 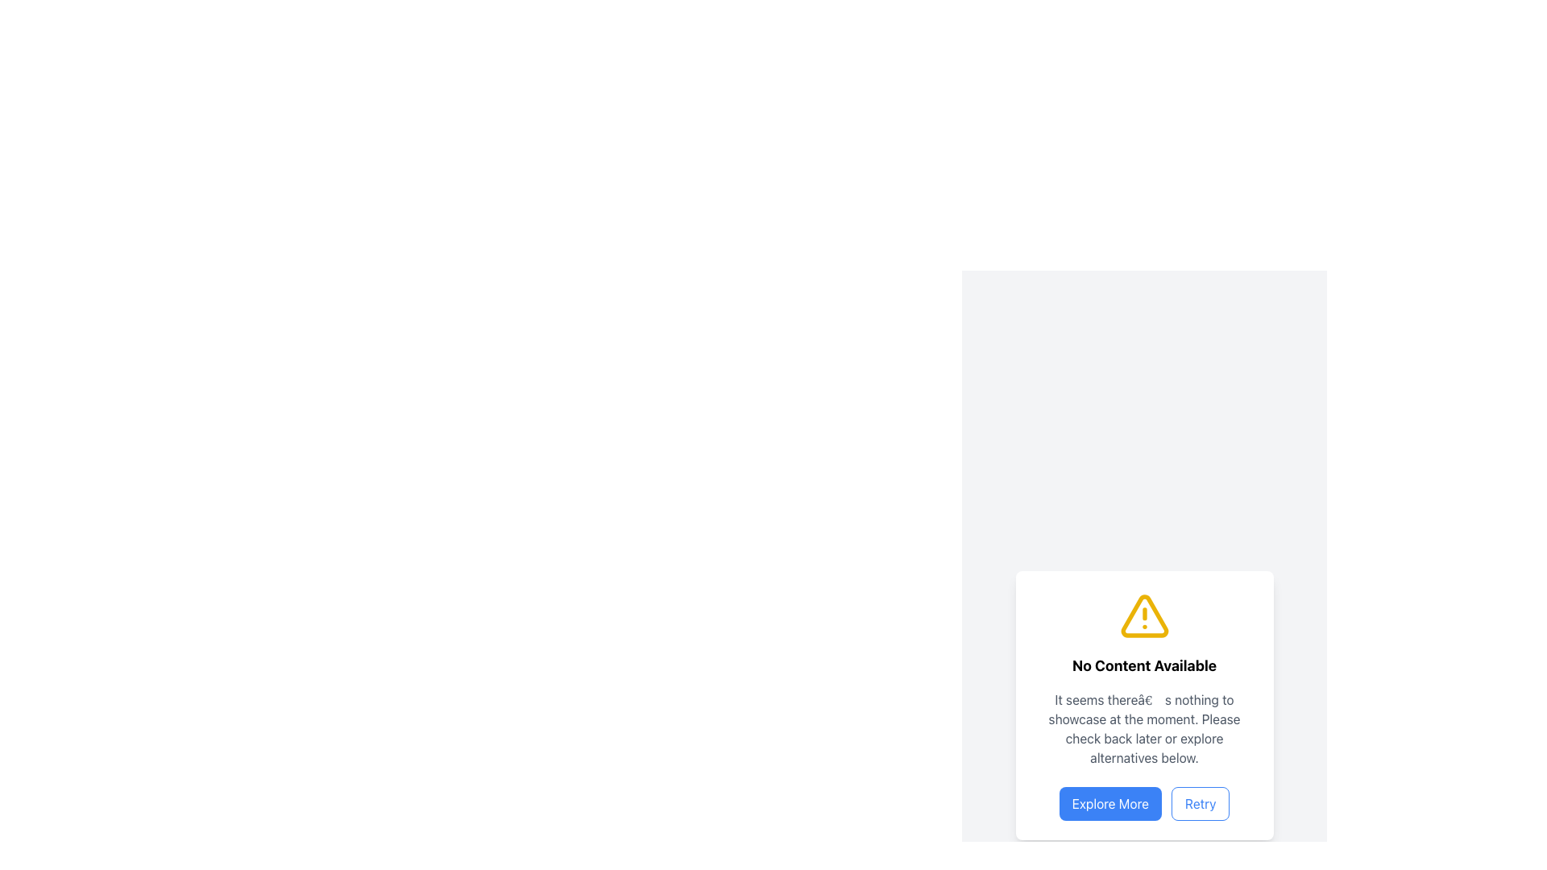 What do you see at coordinates (1201, 804) in the screenshot?
I see `the 'Retry' button to observe its hover effects, which include a background change to blue and text change to white` at bounding box center [1201, 804].